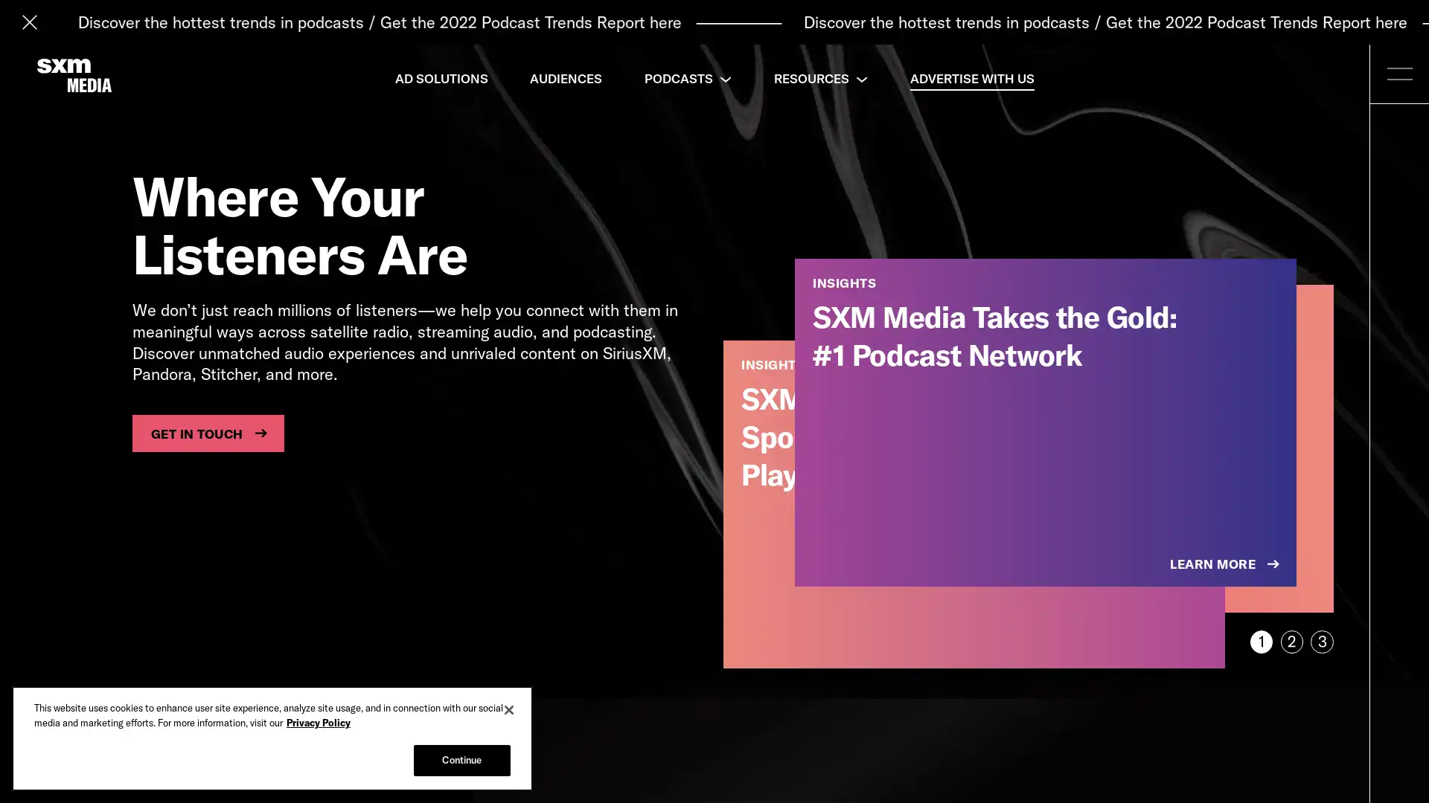 The width and height of the screenshot is (1429, 803). Describe the element at coordinates (461, 760) in the screenshot. I see `Continue` at that location.